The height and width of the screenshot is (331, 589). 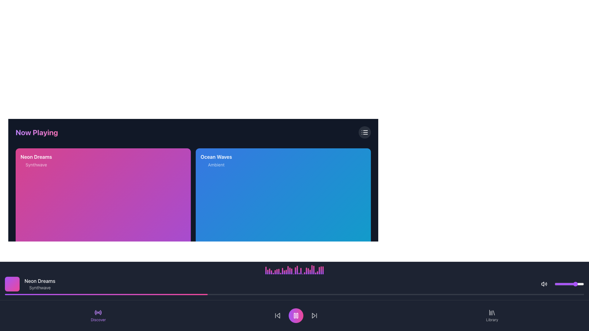 I want to click on the label positioned in the bottom-right section of the interface, so click(x=492, y=320).